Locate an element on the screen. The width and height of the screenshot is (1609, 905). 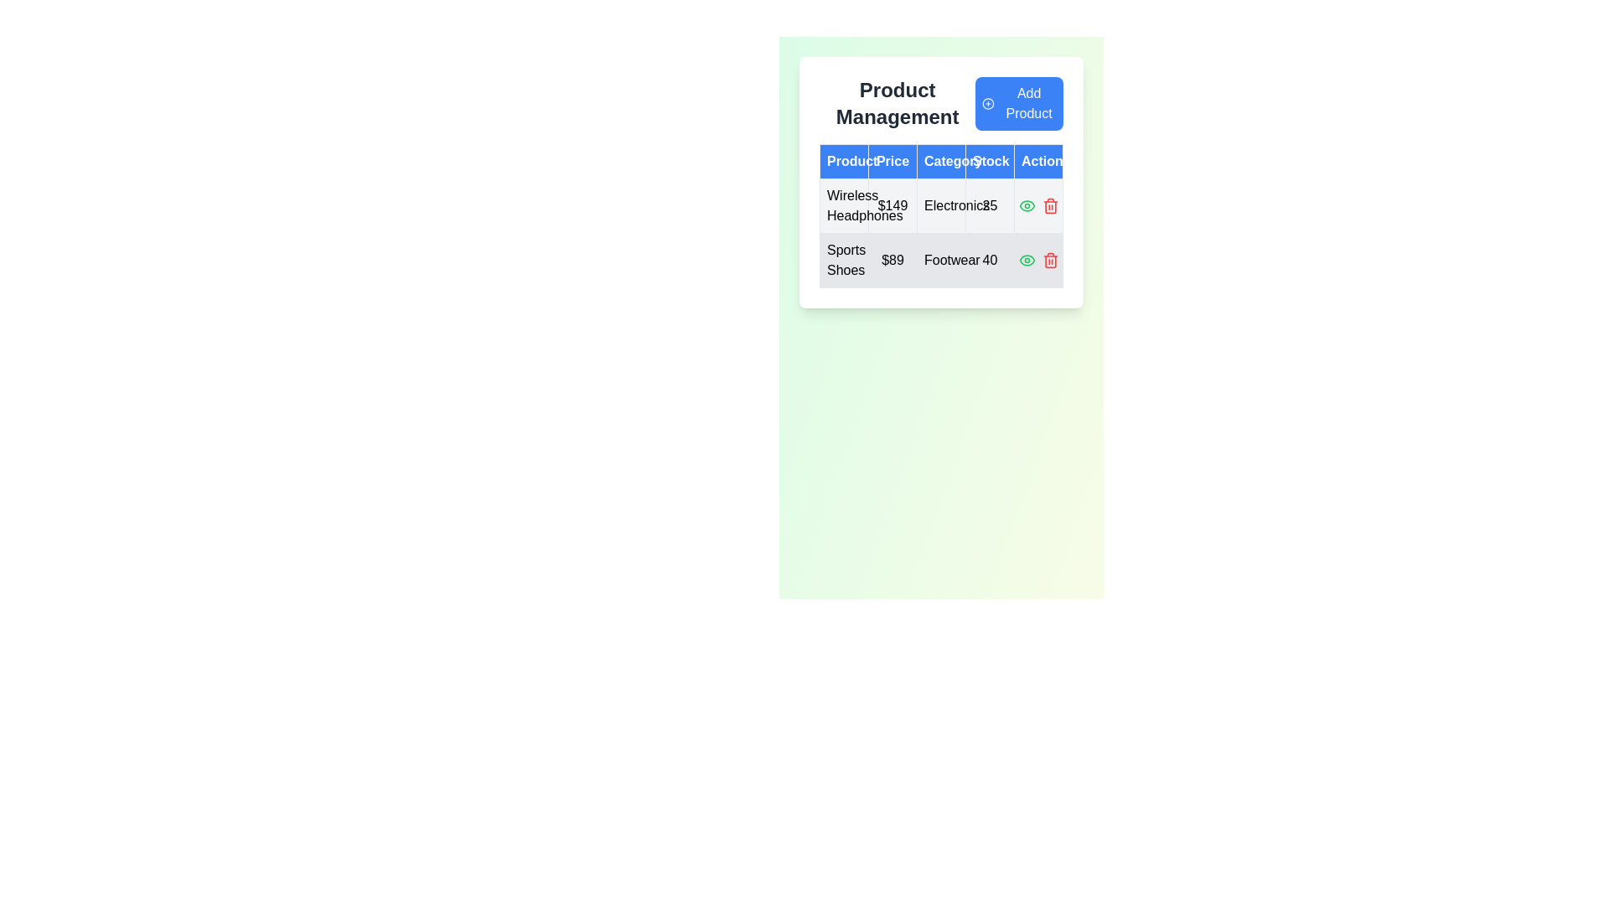
the header label for the action buttons in the 'Product Management' section, which is the fifth label in the row, positioned at the top-right corner is located at coordinates (1037, 161).